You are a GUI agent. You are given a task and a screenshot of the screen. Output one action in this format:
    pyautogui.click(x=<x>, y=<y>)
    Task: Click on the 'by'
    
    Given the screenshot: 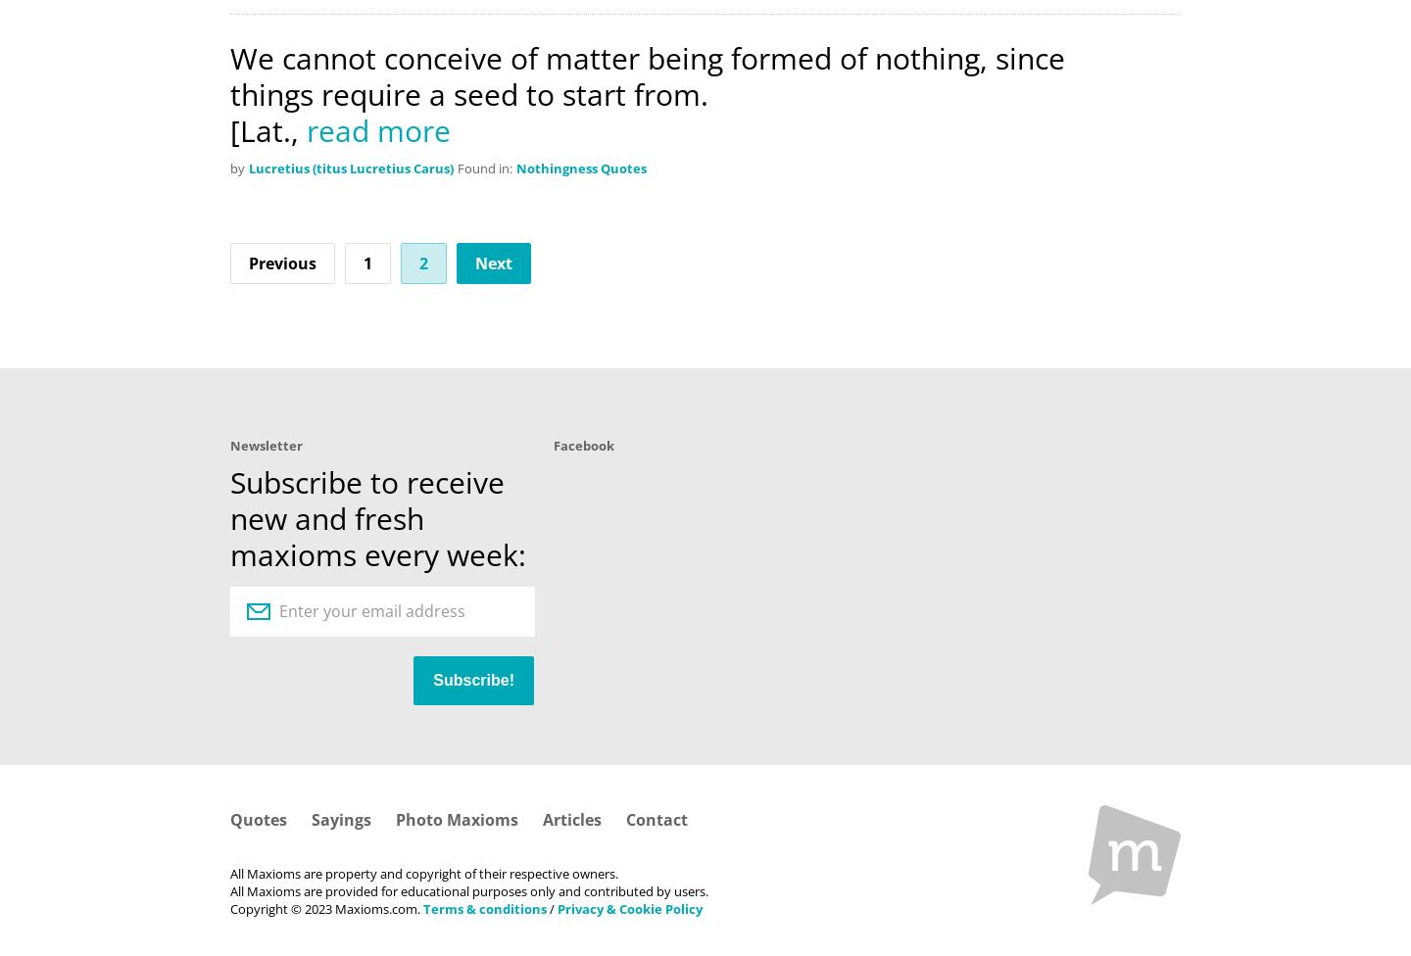 What is the action you would take?
    pyautogui.click(x=230, y=167)
    